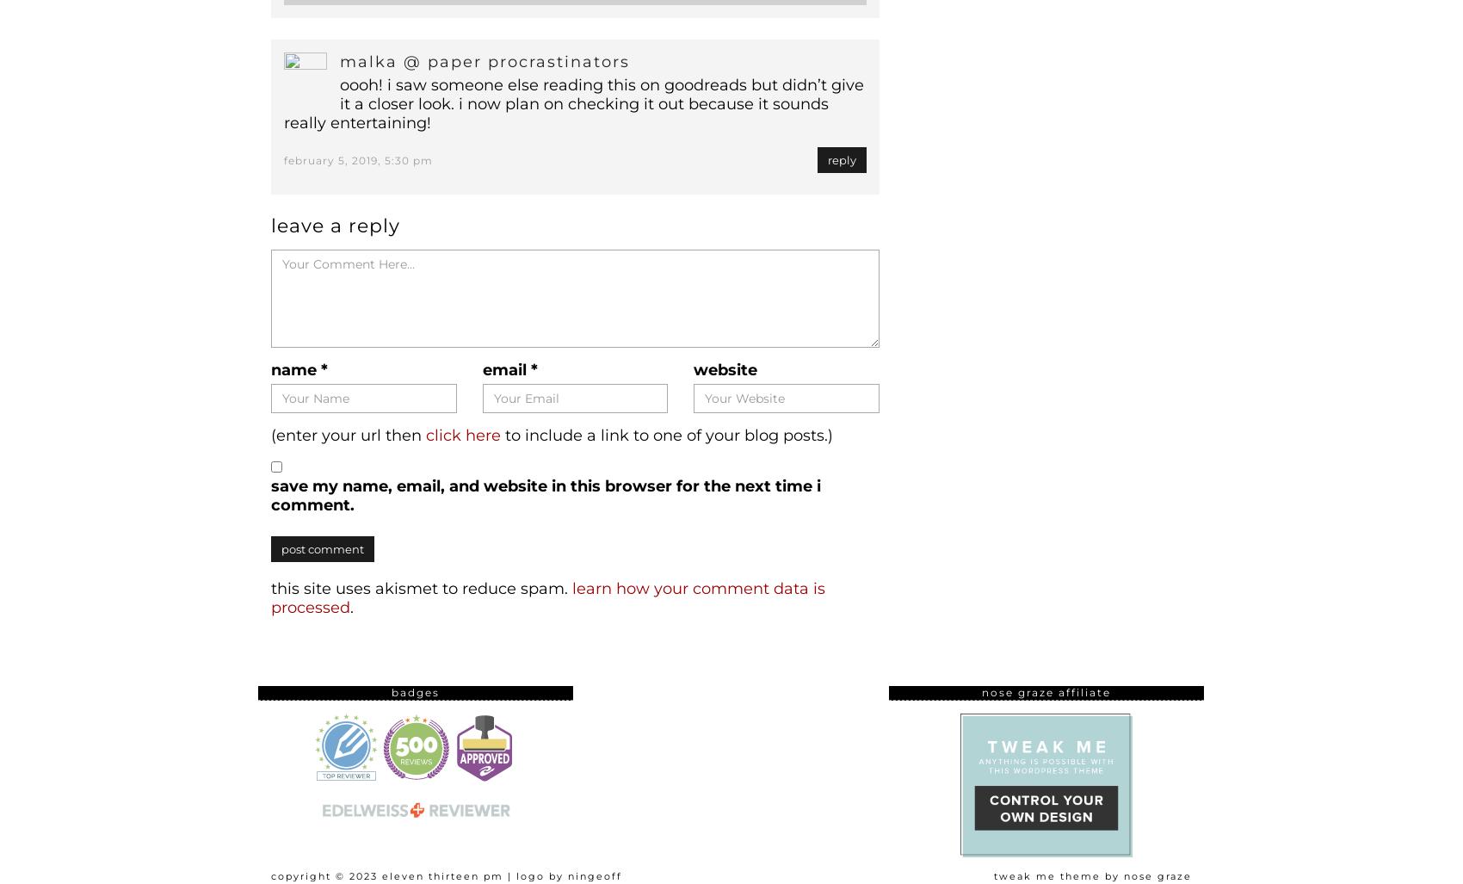 The height and width of the screenshot is (884, 1463). Describe the element at coordinates (462, 436) in the screenshot. I see `'click here'` at that location.